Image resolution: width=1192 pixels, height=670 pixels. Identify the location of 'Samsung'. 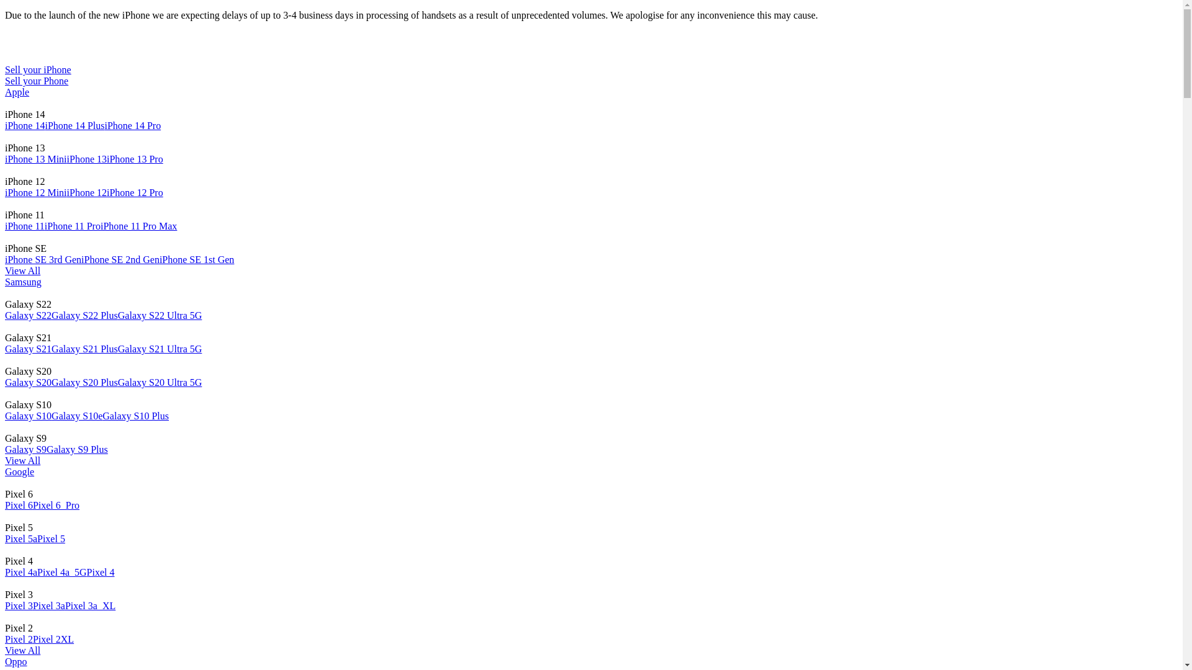
(23, 282).